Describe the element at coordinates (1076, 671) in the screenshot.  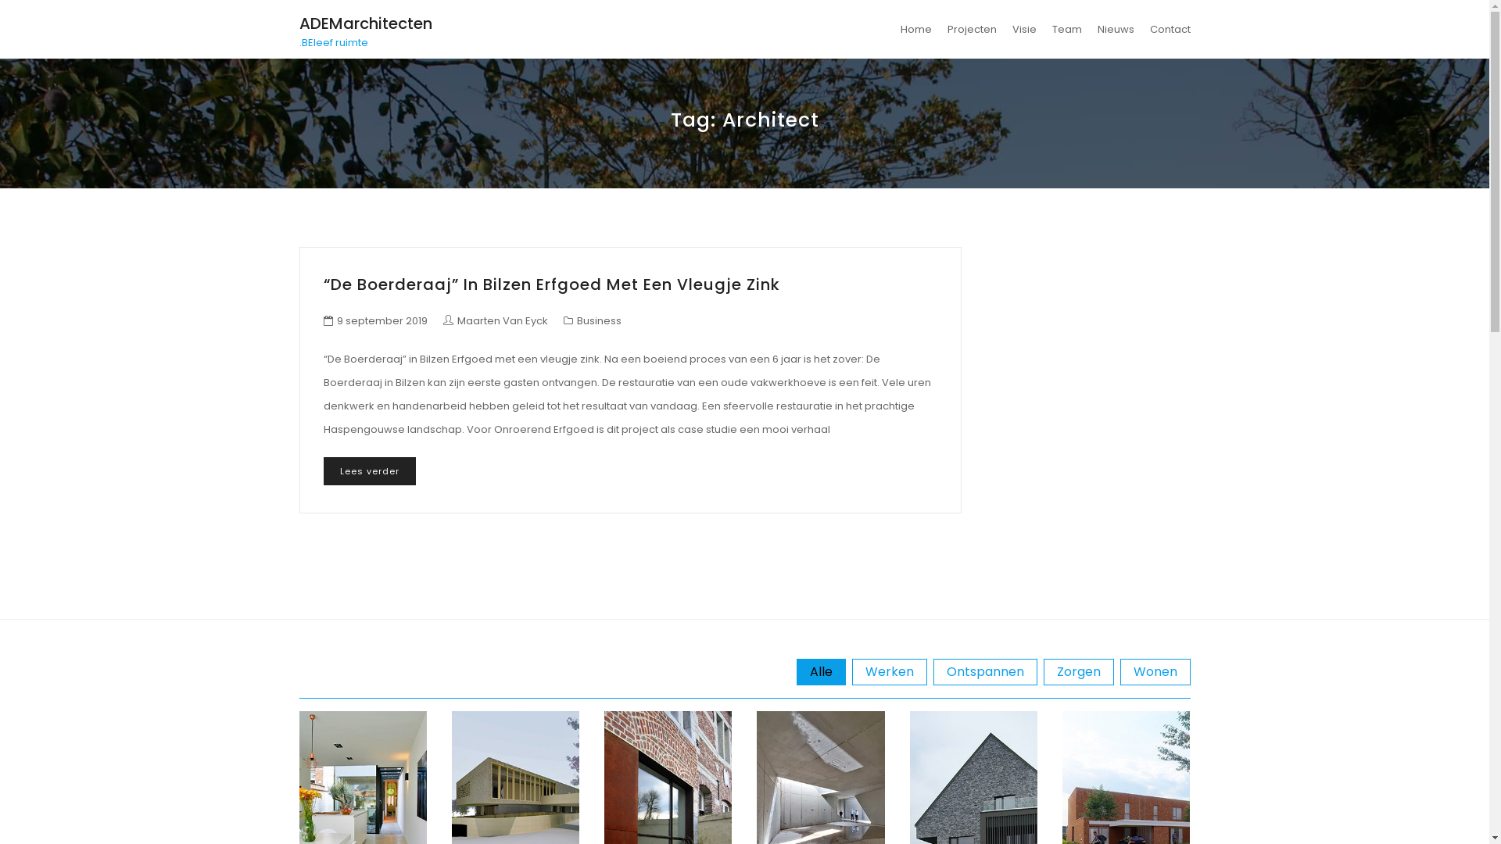
I see `'Zorgen'` at that location.